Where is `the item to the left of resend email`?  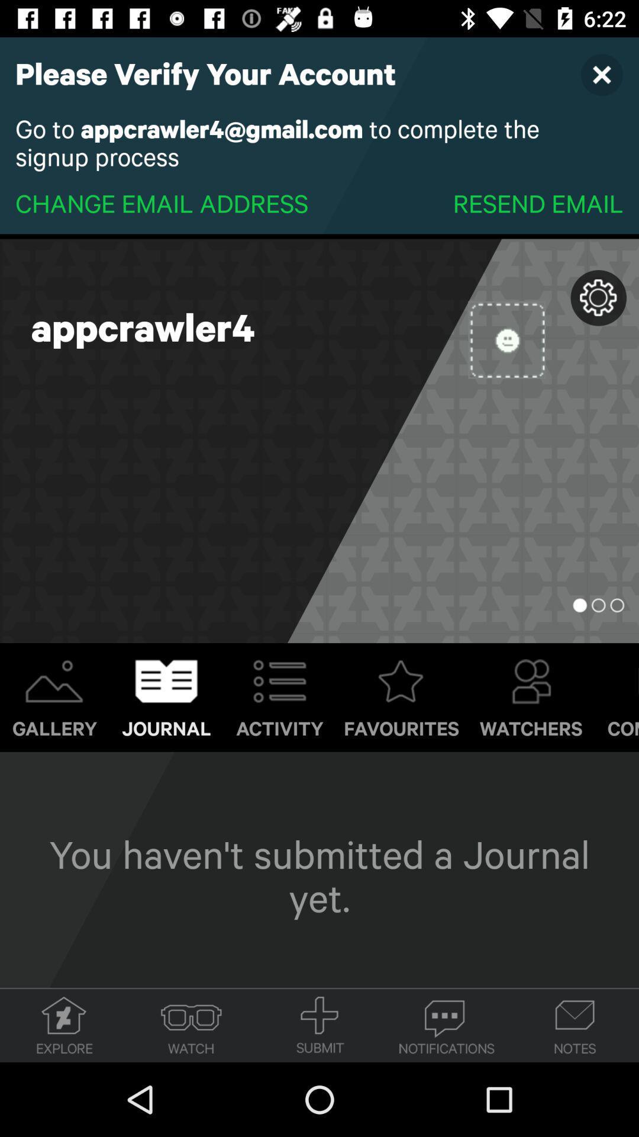 the item to the left of resend email is located at coordinates (162, 203).